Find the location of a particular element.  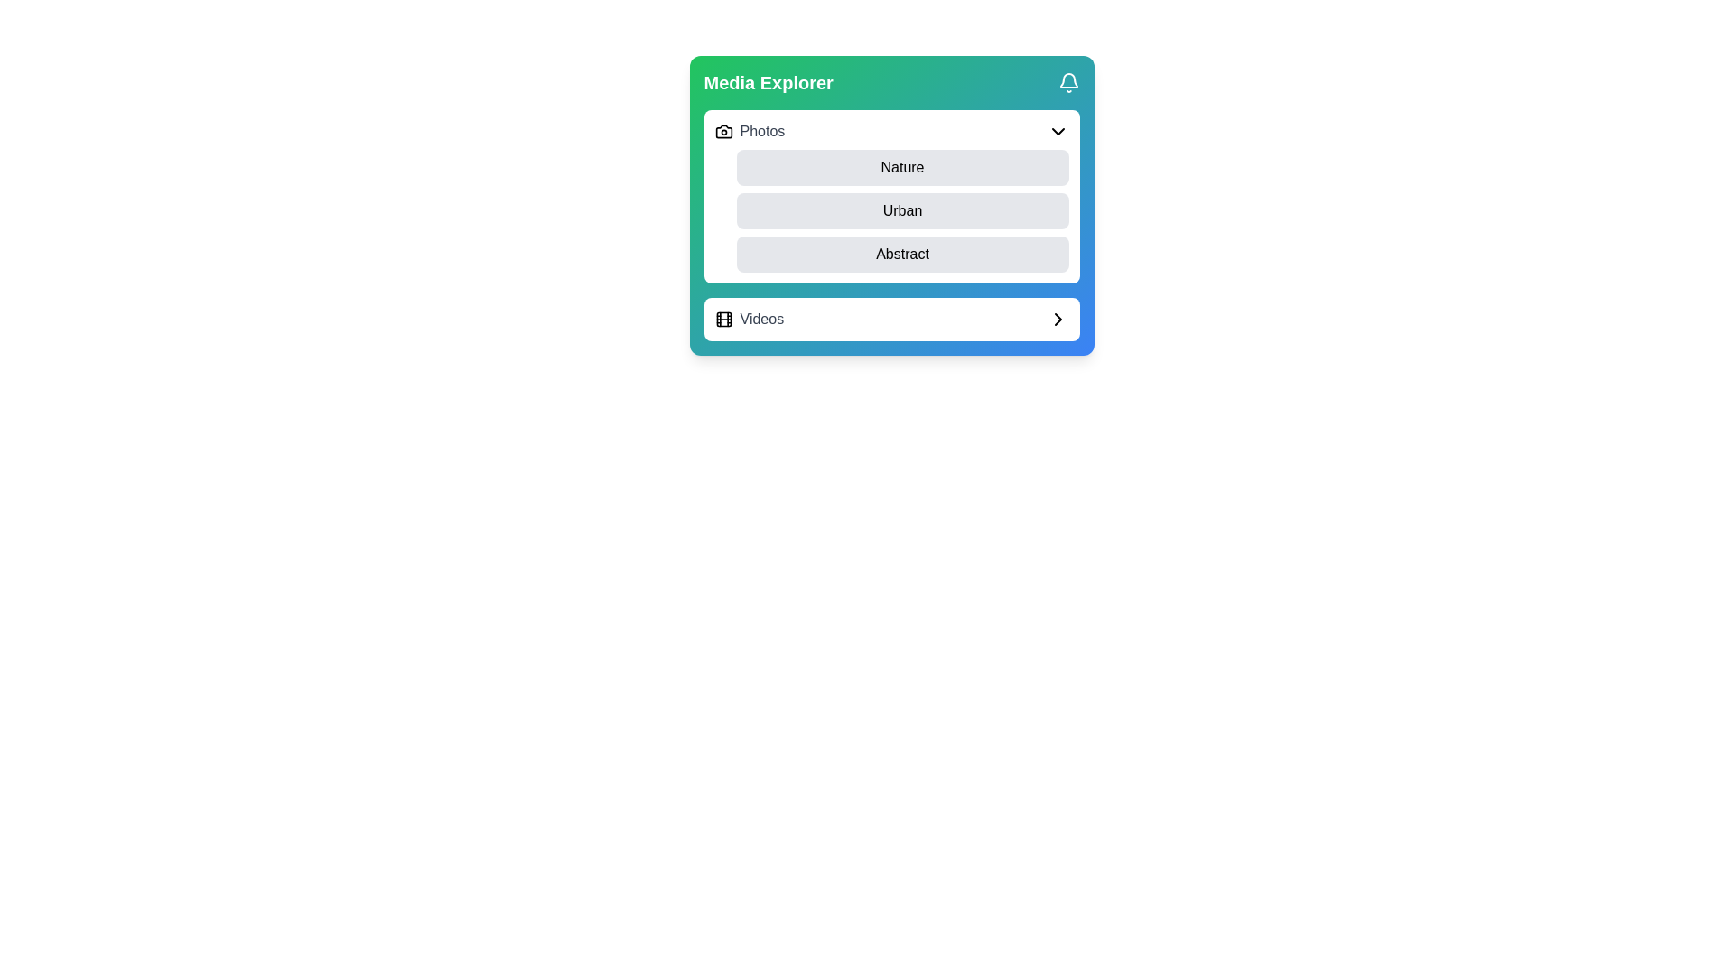

the 'Photos' category icon located at the top-left of the 'Media Explorer' section, which visually indicates the section's purpose is located at coordinates (723, 131).